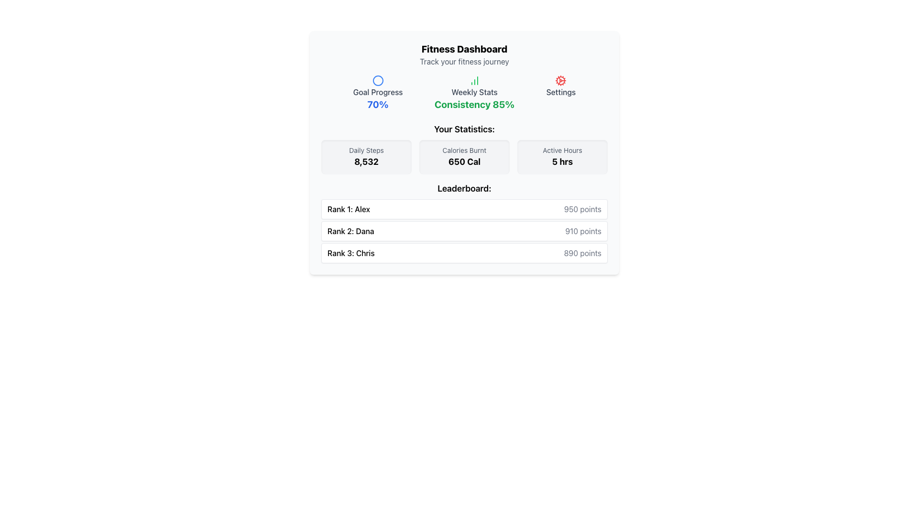 Image resolution: width=918 pixels, height=516 pixels. I want to click on the Informational card displaying daily steps taken, which is the first card in the three-card grid layout under 'Your Statistics', so click(366, 156).